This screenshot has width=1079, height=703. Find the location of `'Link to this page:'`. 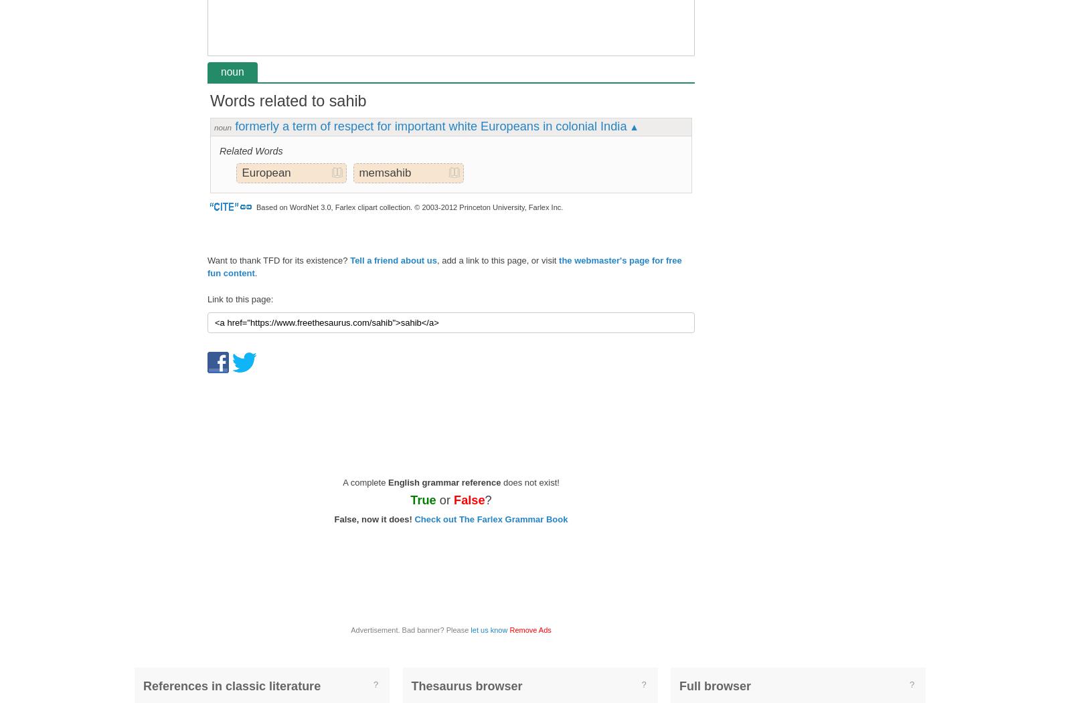

'Link to this page:' is located at coordinates (239, 298).